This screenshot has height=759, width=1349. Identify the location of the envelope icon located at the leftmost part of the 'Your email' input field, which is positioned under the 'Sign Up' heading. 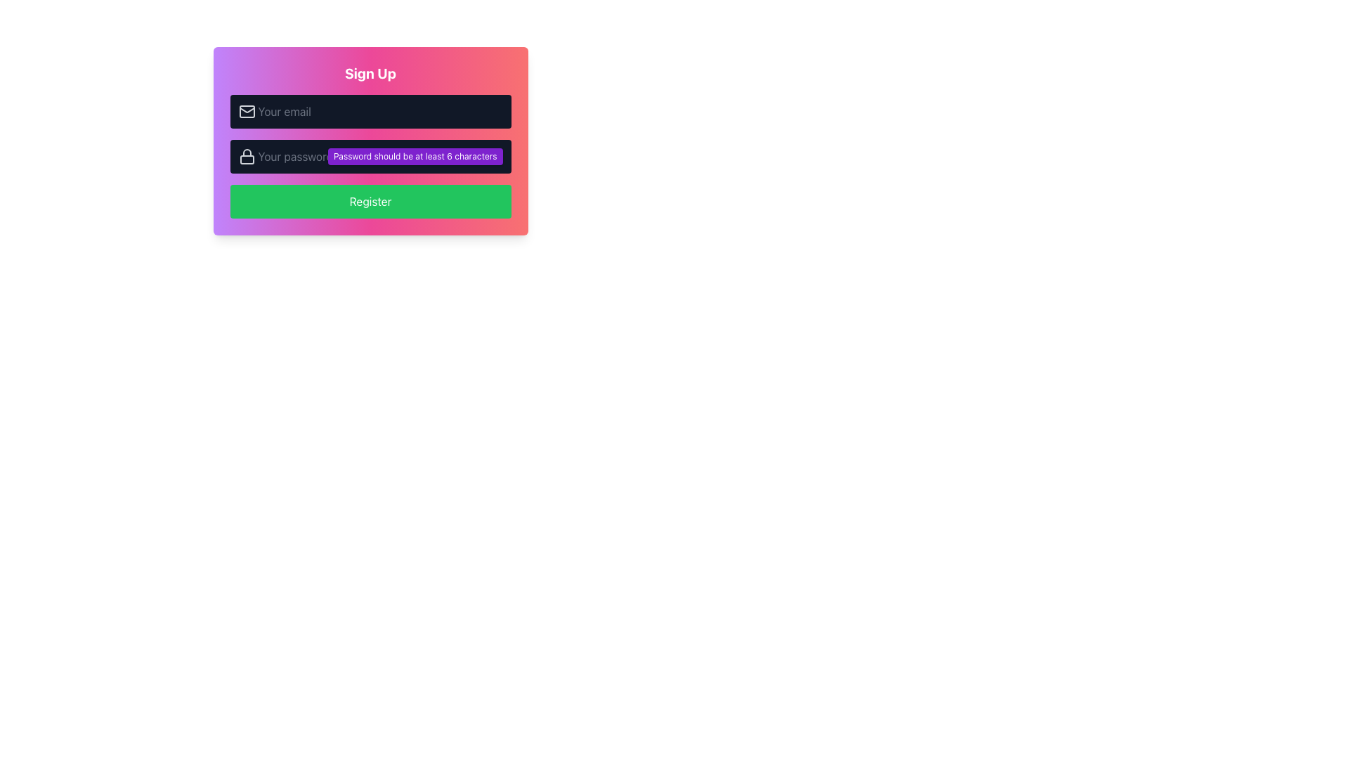
(247, 110).